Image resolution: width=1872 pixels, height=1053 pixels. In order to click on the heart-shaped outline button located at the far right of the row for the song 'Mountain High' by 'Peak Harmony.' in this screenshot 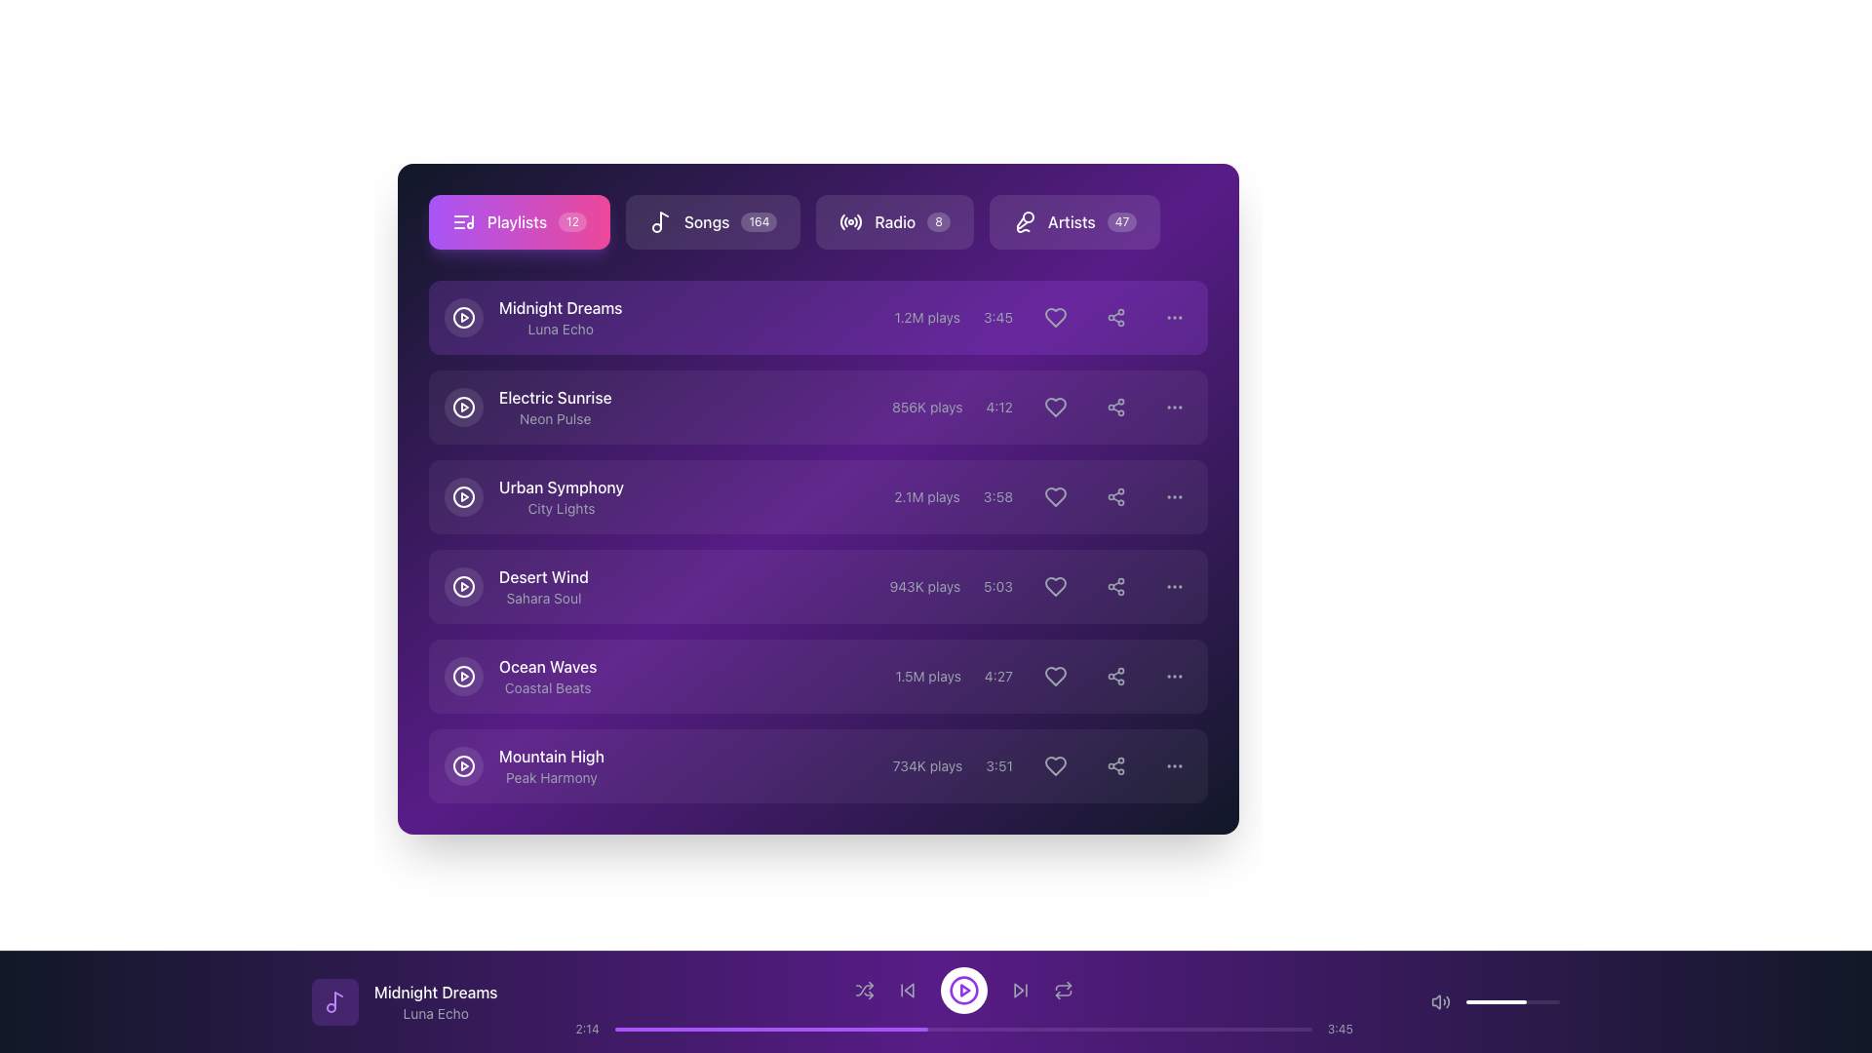, I will do `click(1055, 765)`.